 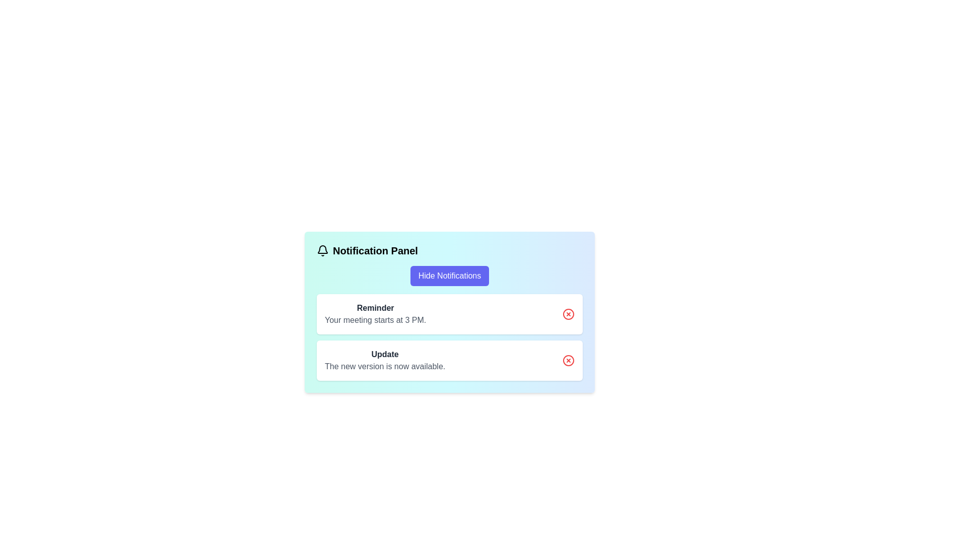 What do you see at coordinates (323, 250) in the screenshot?
I see `the notification icon located within the 'Notification Panel' section, positioned to the left of the title text 'Notification Panel'` at bounding box center [323, 250].